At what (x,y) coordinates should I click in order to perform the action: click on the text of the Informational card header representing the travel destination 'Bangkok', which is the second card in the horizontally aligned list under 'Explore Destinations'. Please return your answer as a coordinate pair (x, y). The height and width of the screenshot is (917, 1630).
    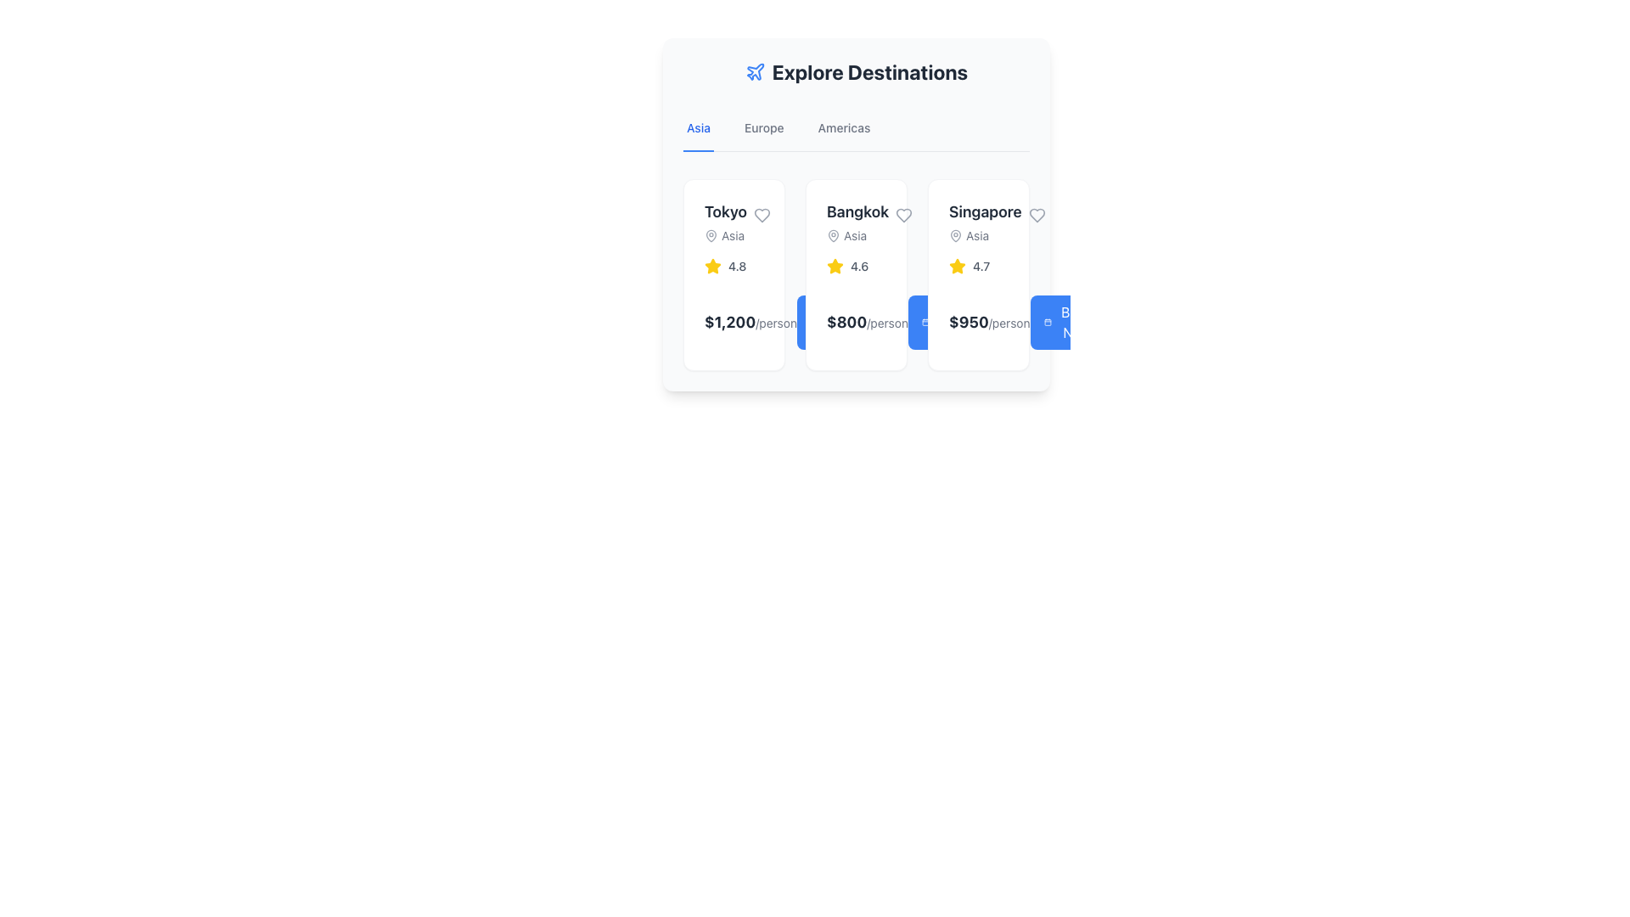
    Looking at the image, I should click on (856, 222).